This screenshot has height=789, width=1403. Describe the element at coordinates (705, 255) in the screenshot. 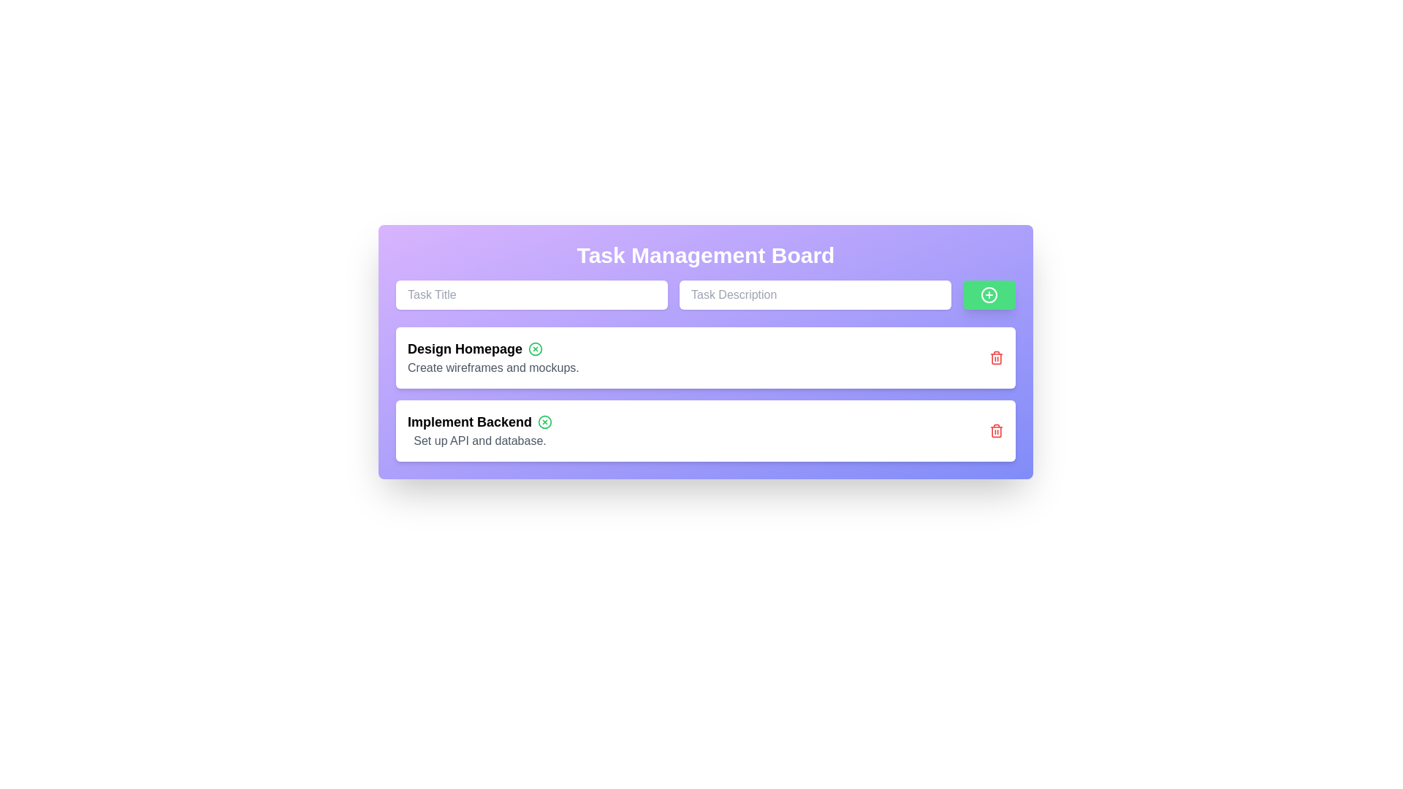

I see `the Static Label or Header that serves as a title for the task management application, positioned above the input fields for 'Task Title' and 'Task Description'` at that location.